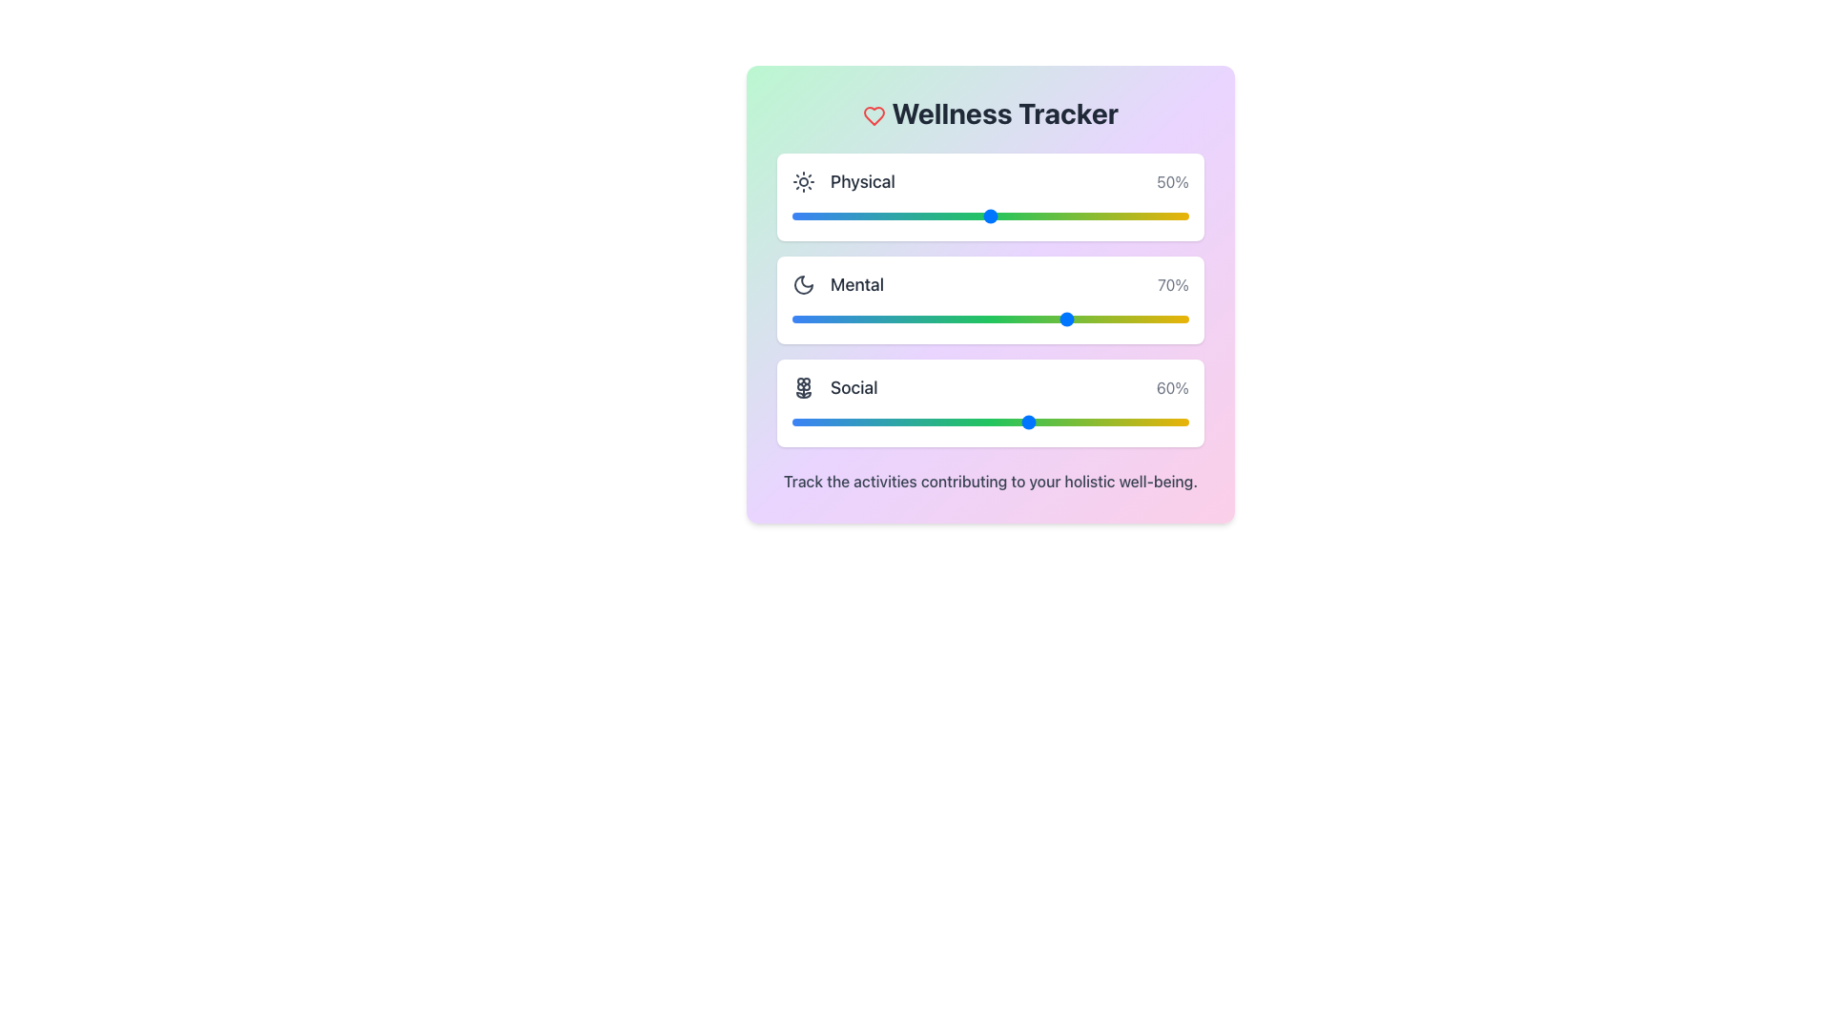 This screenshot has width=1831, height=1030. What do you see at coordinates (804, 182) in the screenshot?
I see `the sun icon, which is a gray, slightly bold circular symbol with radial lines, located to the far left in the 'Physical' section of the 'Wellness Tracker' panel, next to the 'Physical' text label and above the progress bar` at bounding box center [804, 182].